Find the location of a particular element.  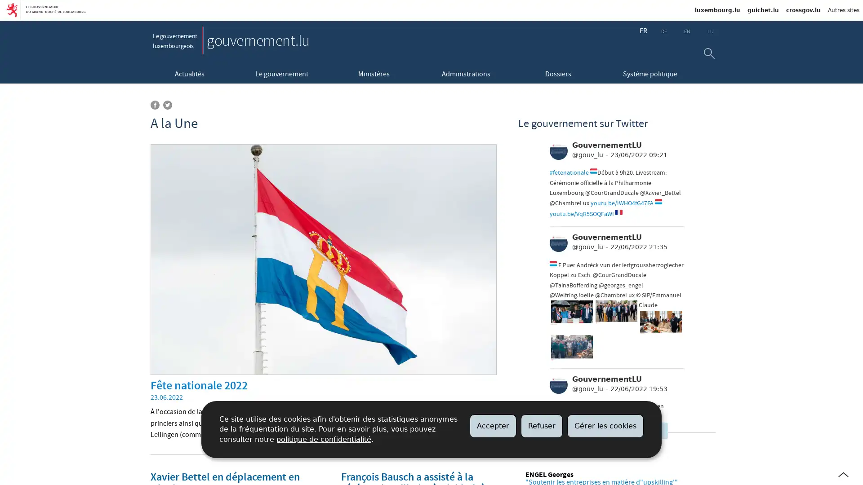

Refuser is located at coordinates (541, 425).